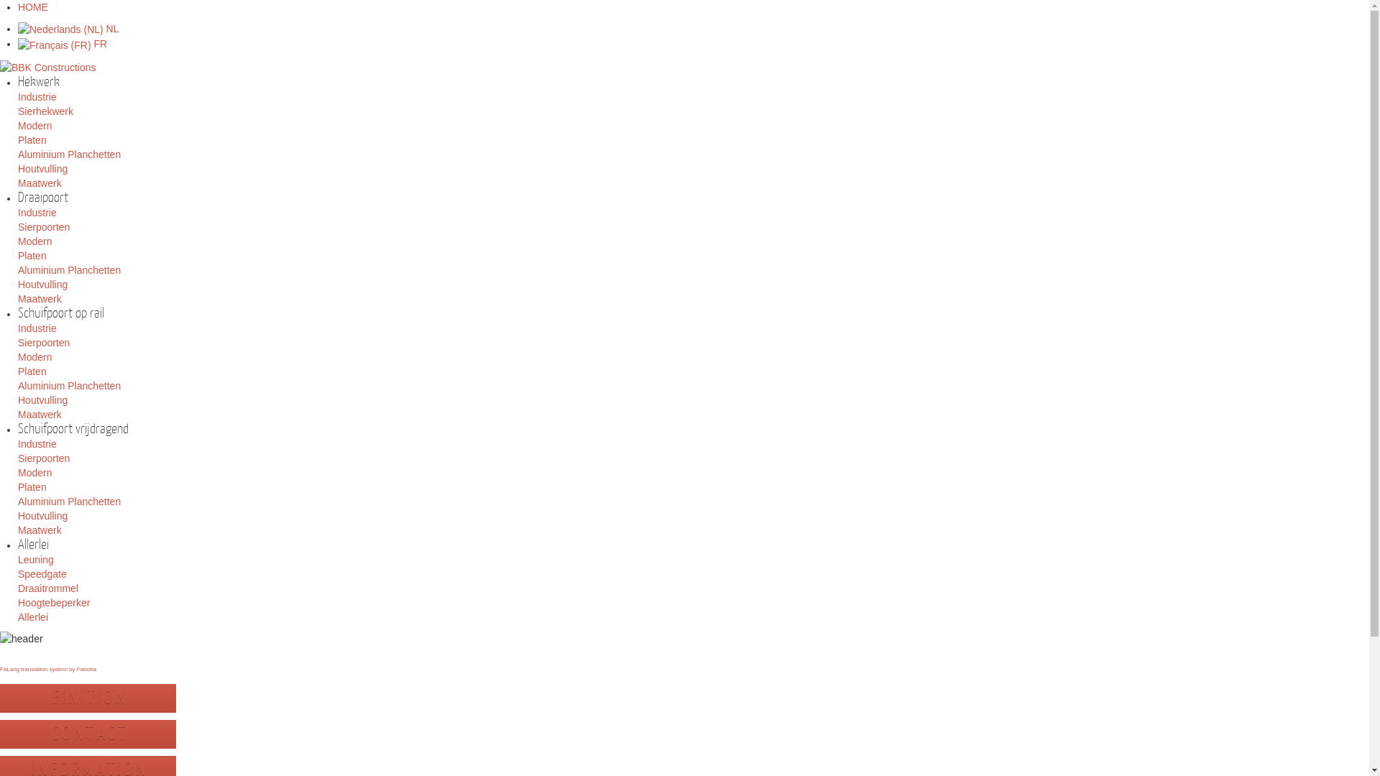 Image resolution: width=1380 pixels, height=776 pixels. Describe the element at coordinates (42, 514) in the screenshot. I see `'Houtvulling'` at that location.